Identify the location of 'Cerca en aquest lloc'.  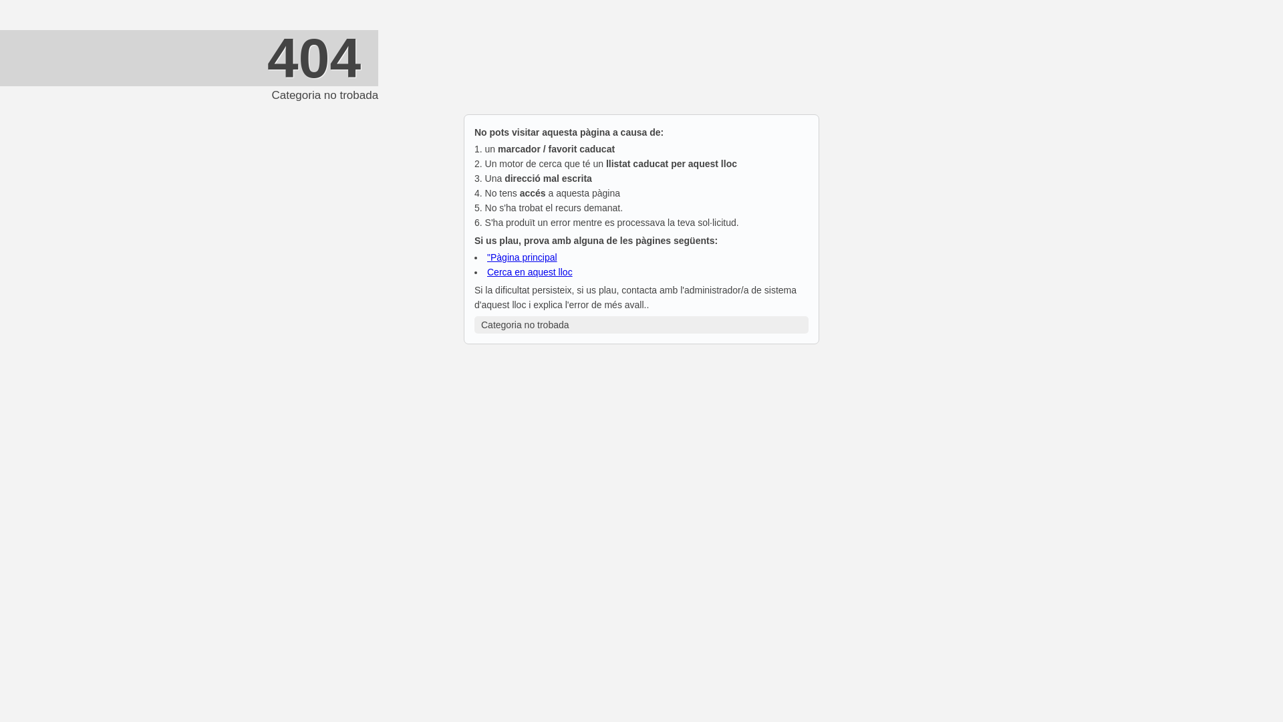
(486, 271).